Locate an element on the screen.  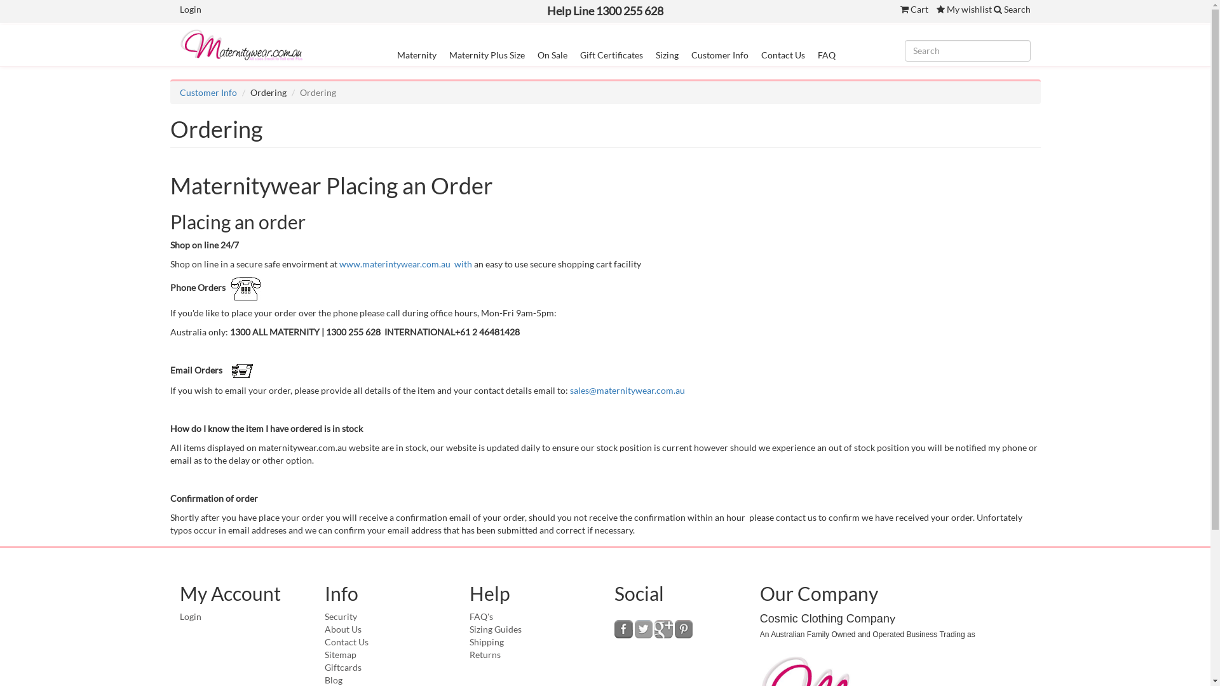
'On Sale' is located at coordinates (552, 54).